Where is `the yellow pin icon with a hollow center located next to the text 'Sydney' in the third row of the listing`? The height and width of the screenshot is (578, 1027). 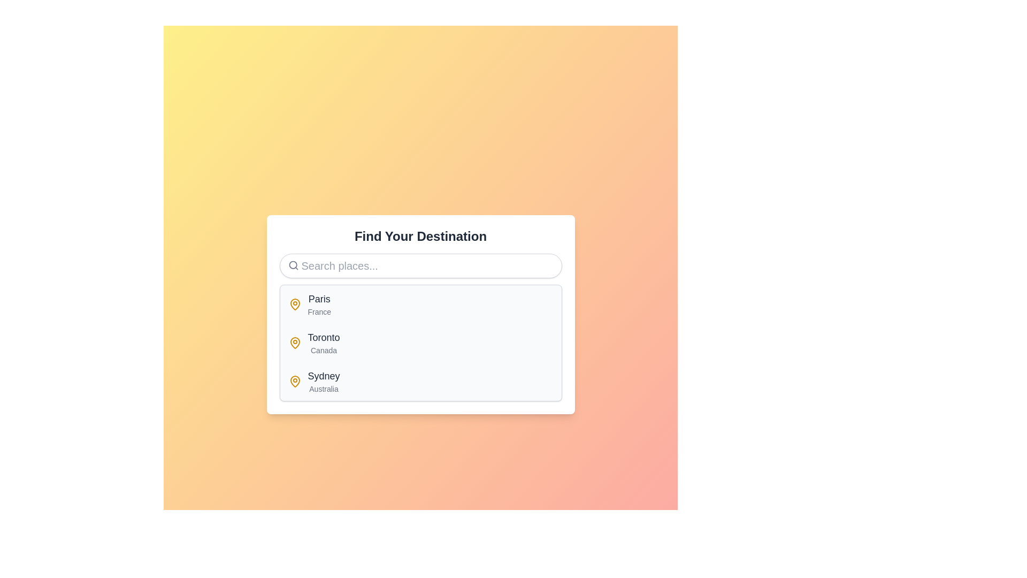 the yellow pin icon with a hollow center located next to the text 'Sydney' in the third row of the listing is located at coordinates (295, 381).